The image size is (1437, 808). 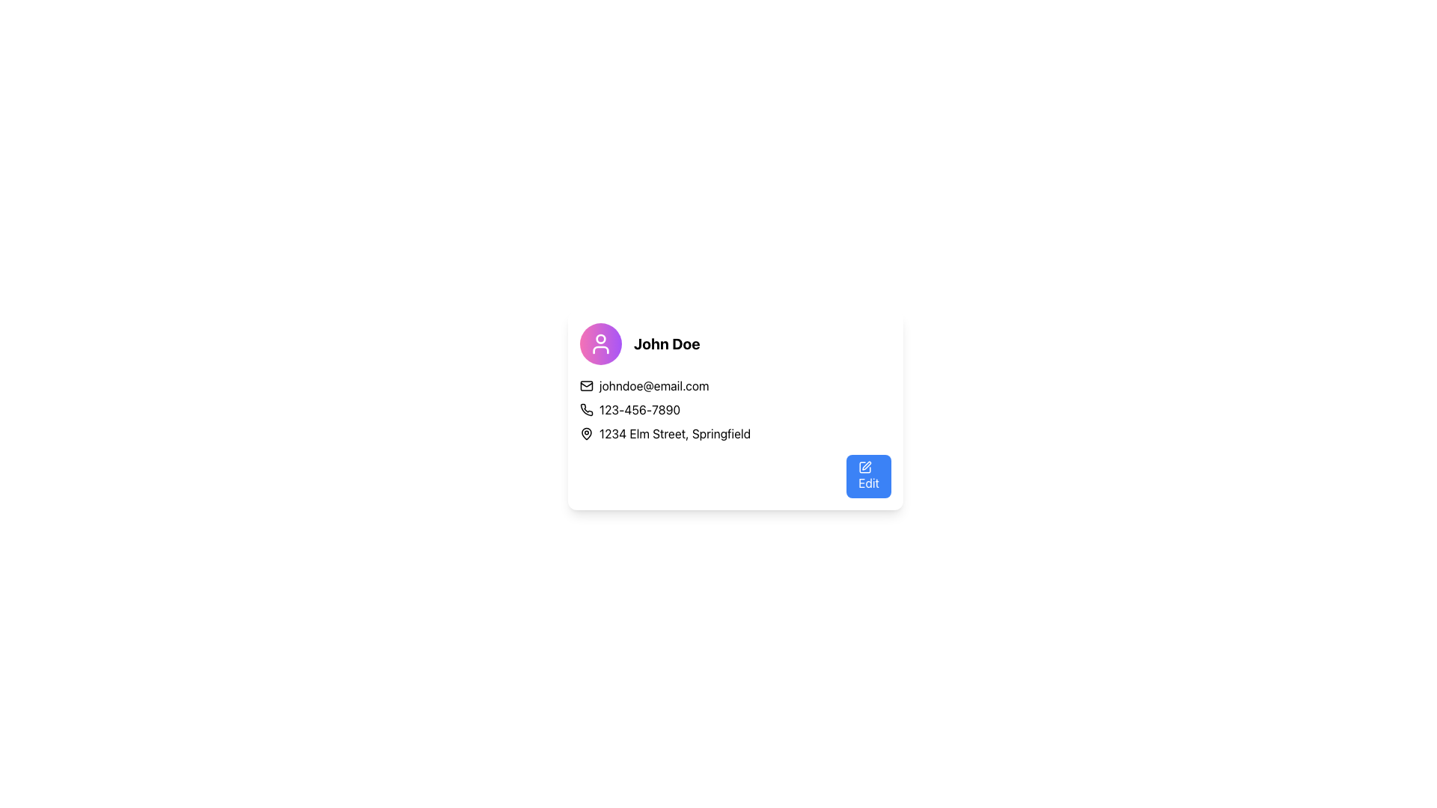 What do you see at coordinates (586, 409) in the screenshot?
I see `the phone handset icon, which is styled with simple curved lines and positioned to the left of the phone number '123-456-7890'` at bounding box center [586, 409].